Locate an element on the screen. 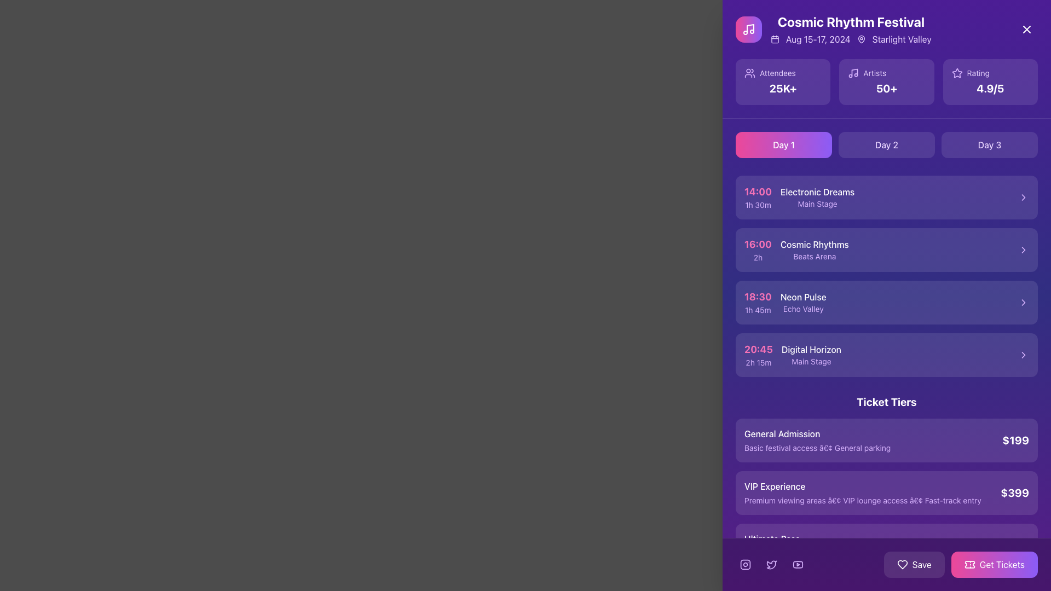 Image resolution: width=1051 pixels, height=591 pixels. the 'Main Stage' static text label styled in light purple, located beneath the 'Electronic Dreams' label in the Cosmic Rhythm Festival interface is located at coordinates (817, 204).